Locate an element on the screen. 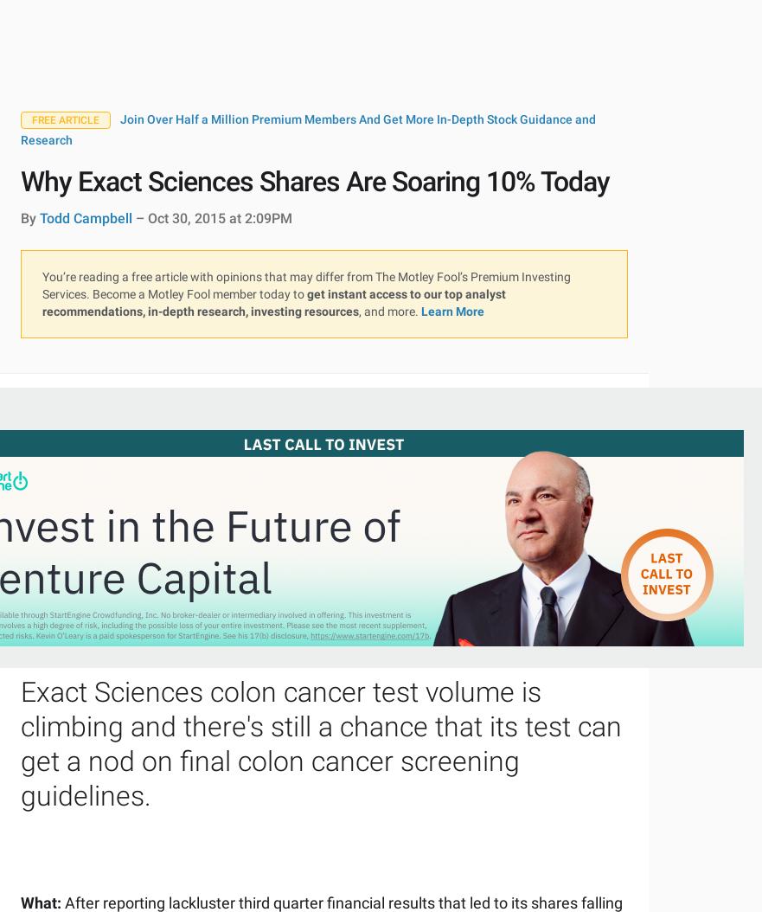 Image resolution: width=762 pixels, height=912 pixels. 'Join Stock Advisor' is located at coordinates (323, 723).